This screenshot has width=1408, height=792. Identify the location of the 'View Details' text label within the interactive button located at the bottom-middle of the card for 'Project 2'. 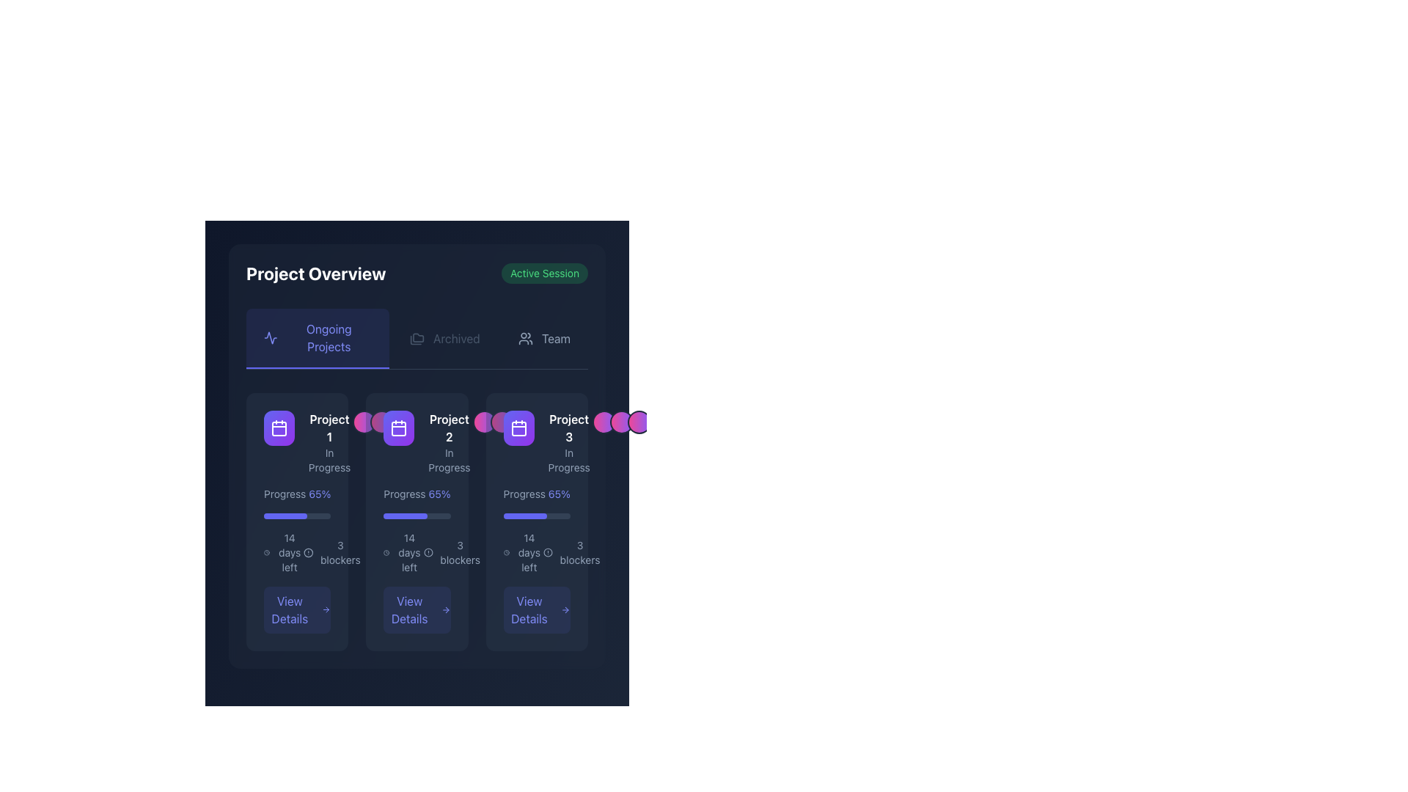
(408, 610).